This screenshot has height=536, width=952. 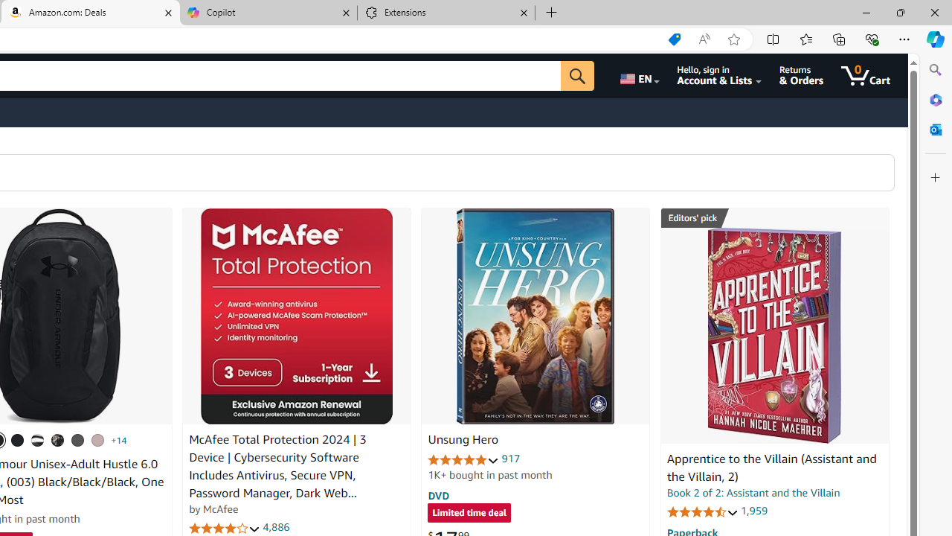 I want to click on '(005) Black Full Heather / Black / Metallic Gold', so click(x=77, y=439).